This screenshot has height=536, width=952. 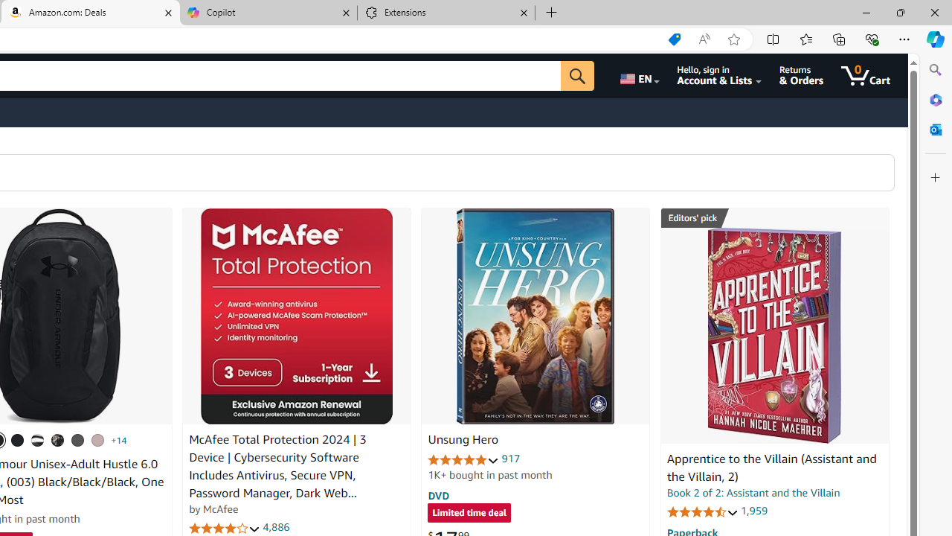 I want to click on '(005) Black Full Heather / Black / Metallic Gold', so click(x=77, y=439).